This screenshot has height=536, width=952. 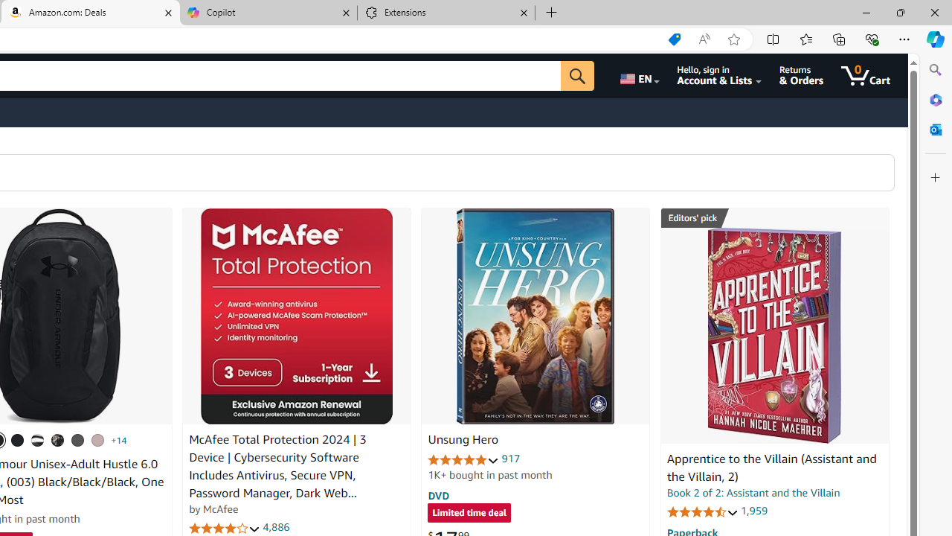 I want to click on '(005) Black Full Heather / Black / Metallic Gold', so click(x=77, y=439).